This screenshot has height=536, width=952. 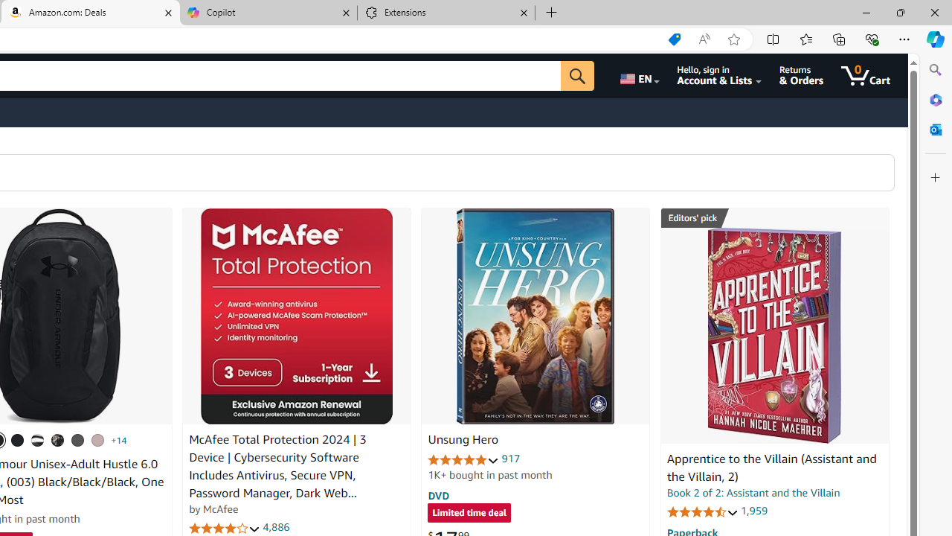 I want to click on '(005) Black Full Heather / Black / Metallic Gold', so click(x=77, y=439).